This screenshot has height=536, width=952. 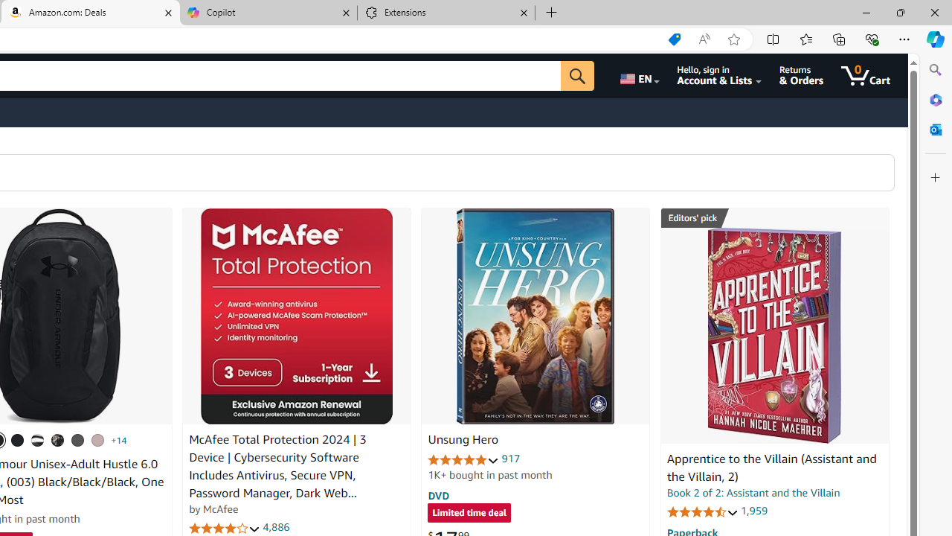 I want to click on '(005) Black Full Heather / Black / Metallic Gold', so click(x=77, y=439).